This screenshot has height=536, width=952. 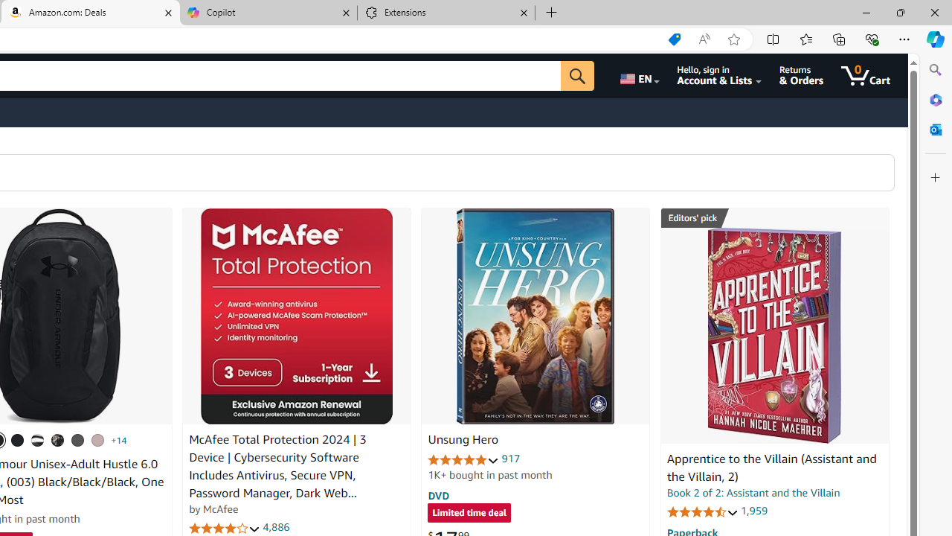 I want to click on '(005) Black Full Heather / Black / Metallic Gold', so click(x=77, y=439).